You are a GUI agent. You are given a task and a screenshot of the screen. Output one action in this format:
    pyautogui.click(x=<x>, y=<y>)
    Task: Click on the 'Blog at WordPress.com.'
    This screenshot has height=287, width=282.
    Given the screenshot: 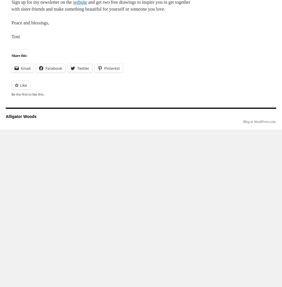 What is the action you would take?
    pyautogui.click(x=243, y=122)
    